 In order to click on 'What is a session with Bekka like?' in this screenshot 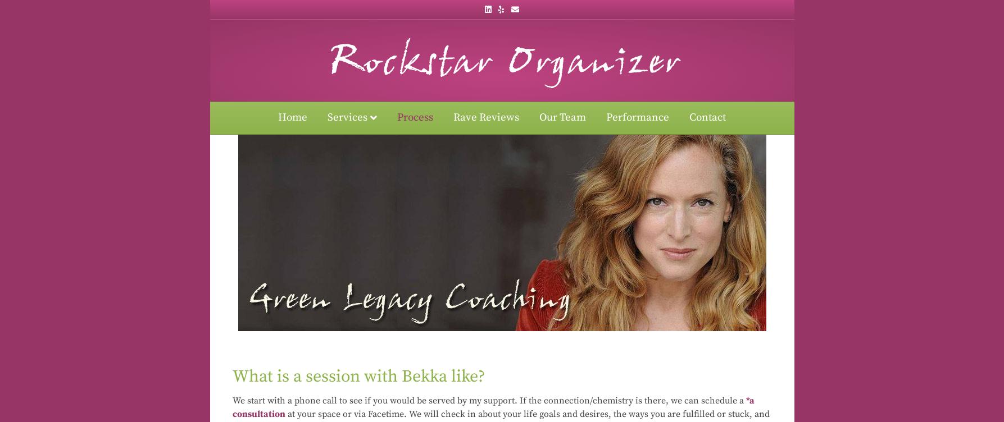, I will do `click(357, 375)`.